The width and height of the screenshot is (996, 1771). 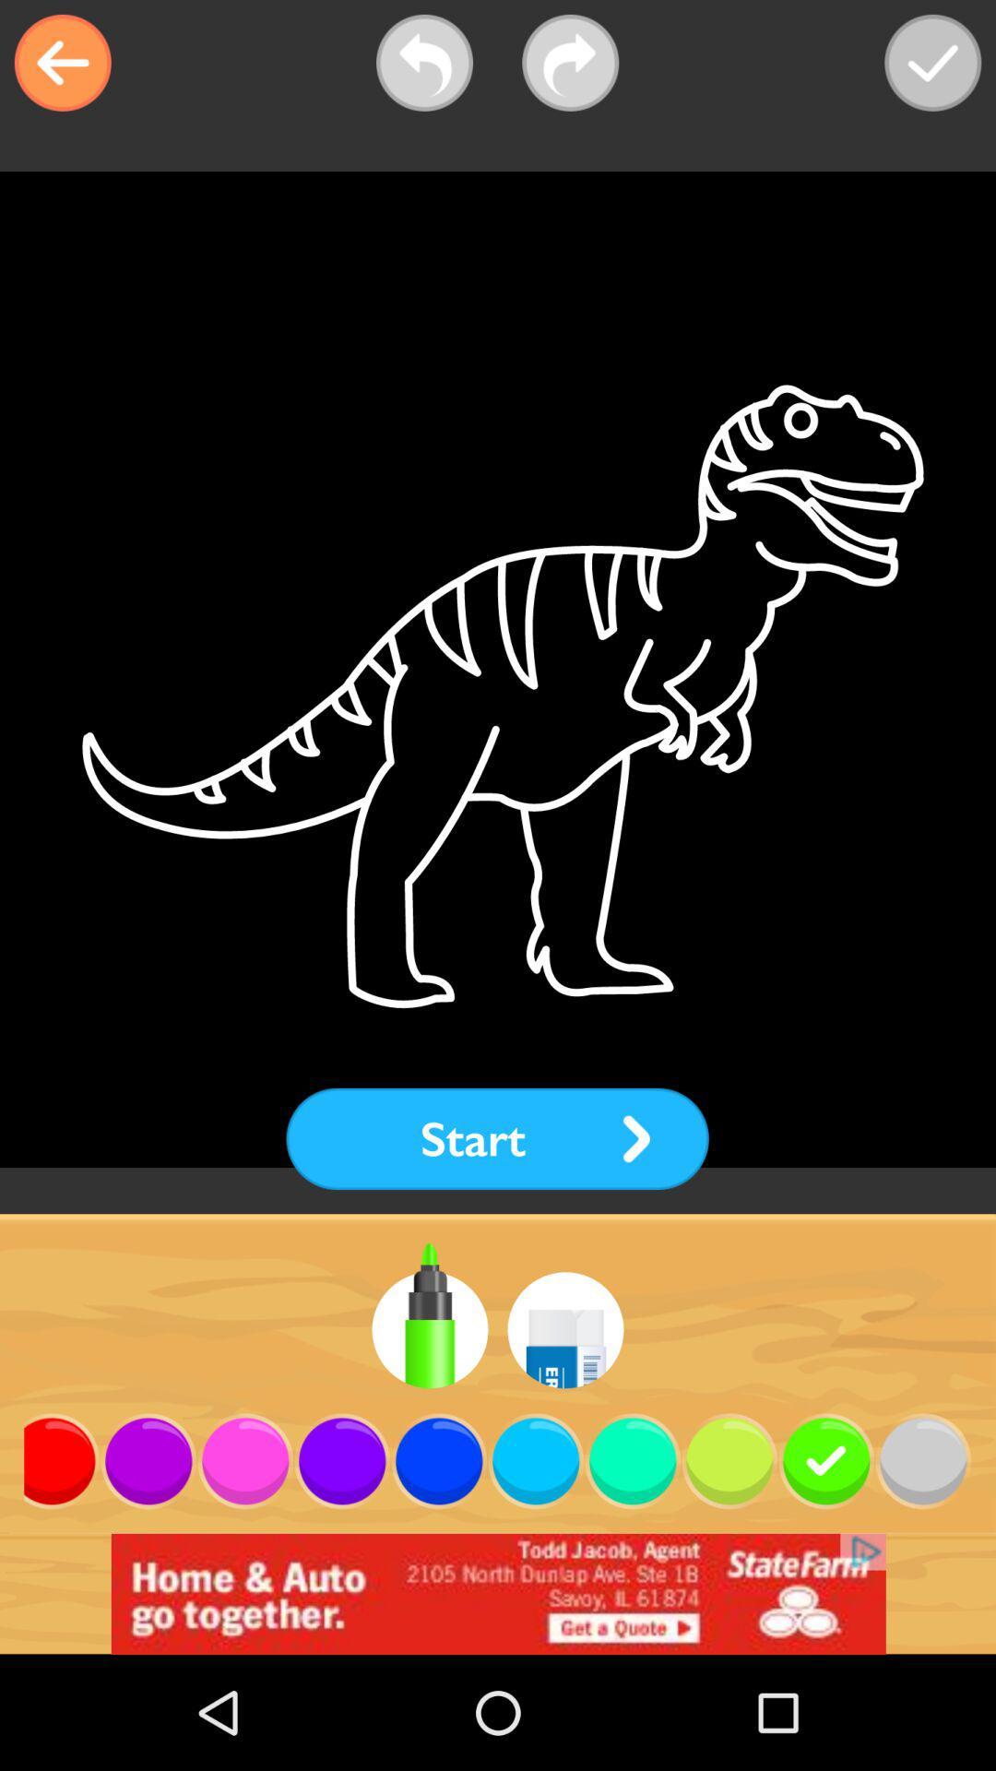 What do you see at coordinates (498, 1593) in the screenshot?
I see `advertisement banner` at bounding box center [498, 1593].